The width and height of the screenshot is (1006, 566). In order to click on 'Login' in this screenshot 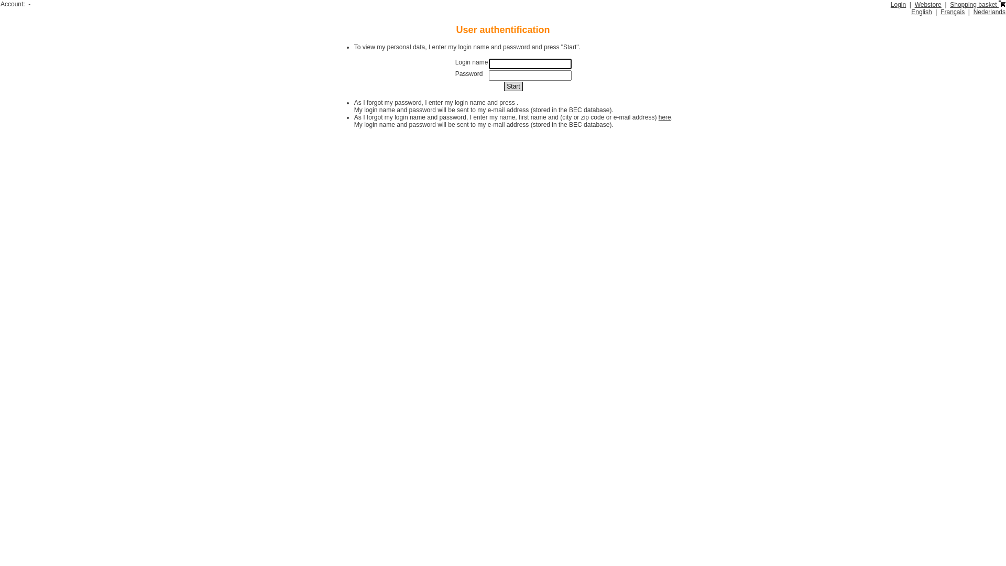, I will do `click(898, 4)`.